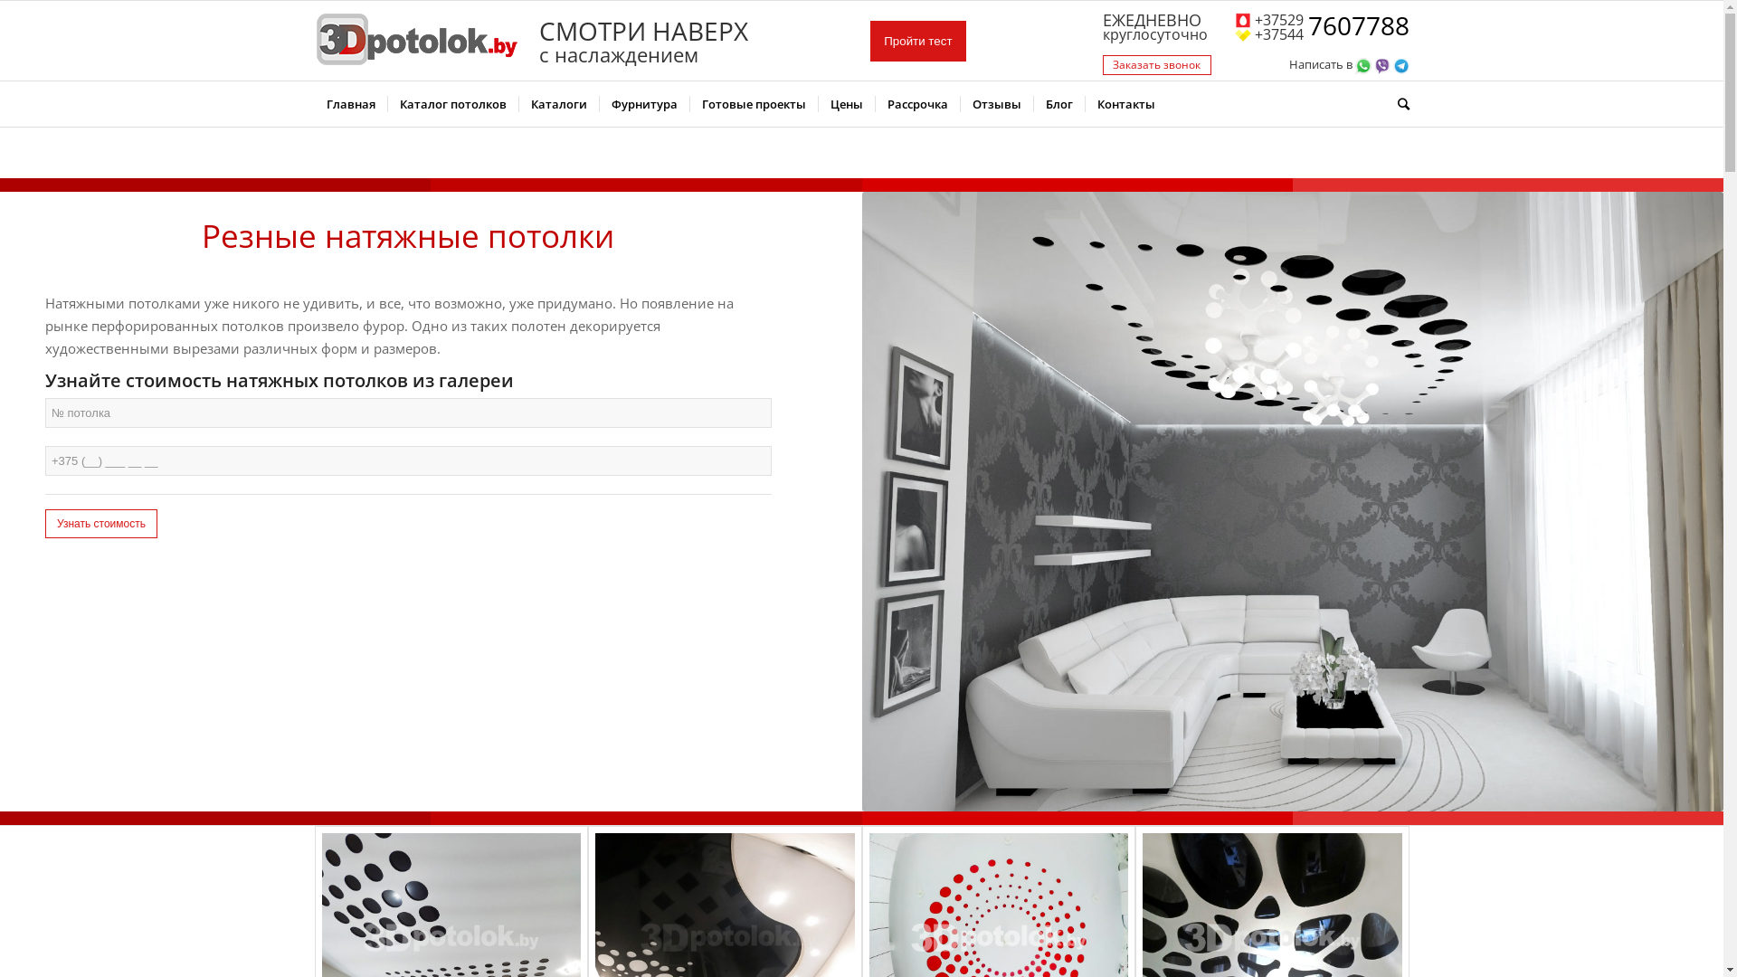 The image size is (1737, 977). What do you see at coordinates (1307, 27) in the screenshot?
I see `'7607788'` at bounding box center [1307, 27].